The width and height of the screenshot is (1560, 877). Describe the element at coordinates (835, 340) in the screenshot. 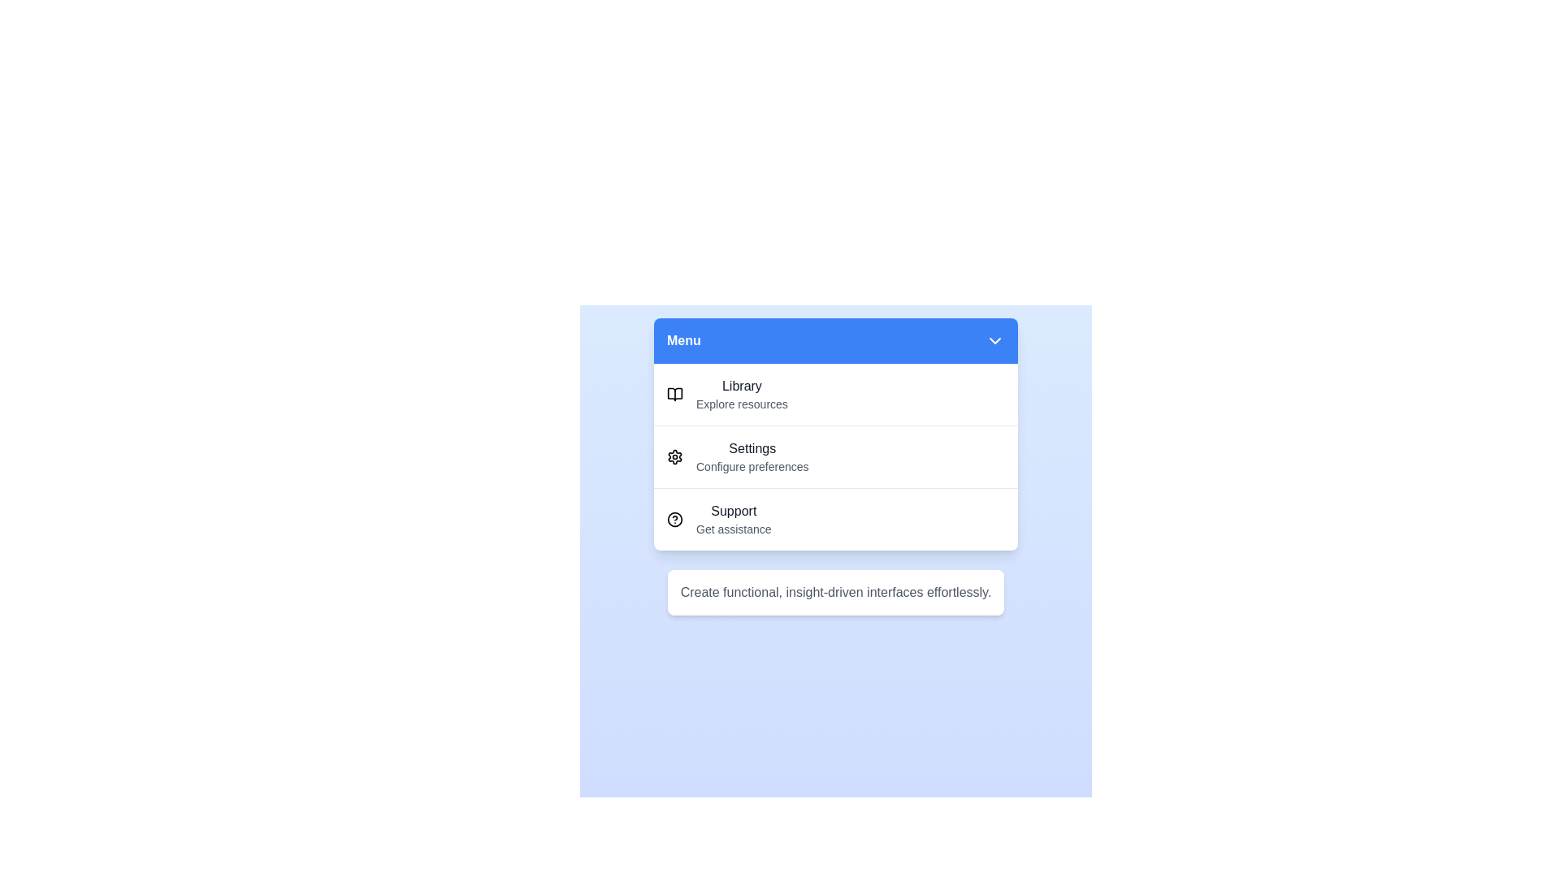

I see `the menu toggle button to toggle the menu open or closed` at that location.